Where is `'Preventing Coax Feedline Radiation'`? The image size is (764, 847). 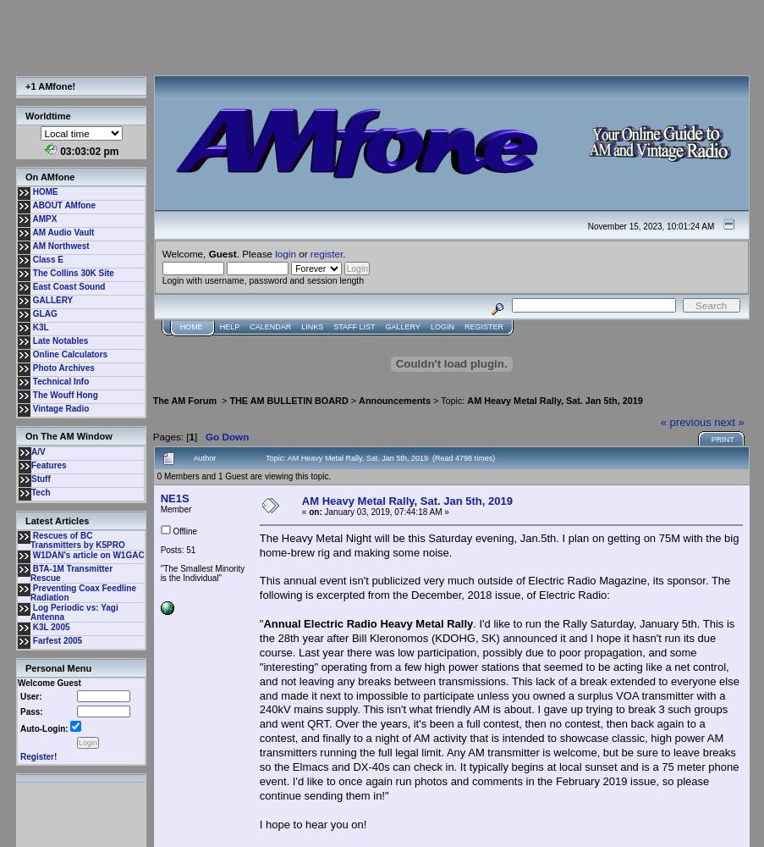 'Preventing Coax Feedline Radiation' is located at coordinates (83, 592).